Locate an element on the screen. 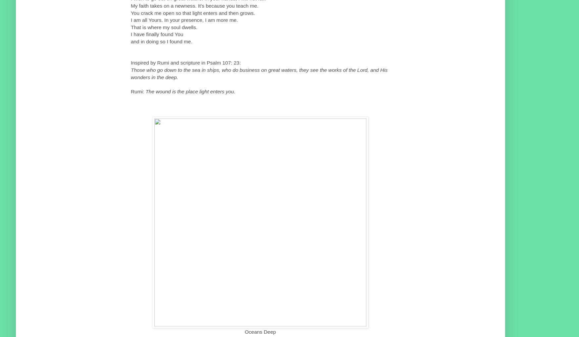  'My faith takes on a newness. It's because you teach me.' is located at coordinates (194, 5).